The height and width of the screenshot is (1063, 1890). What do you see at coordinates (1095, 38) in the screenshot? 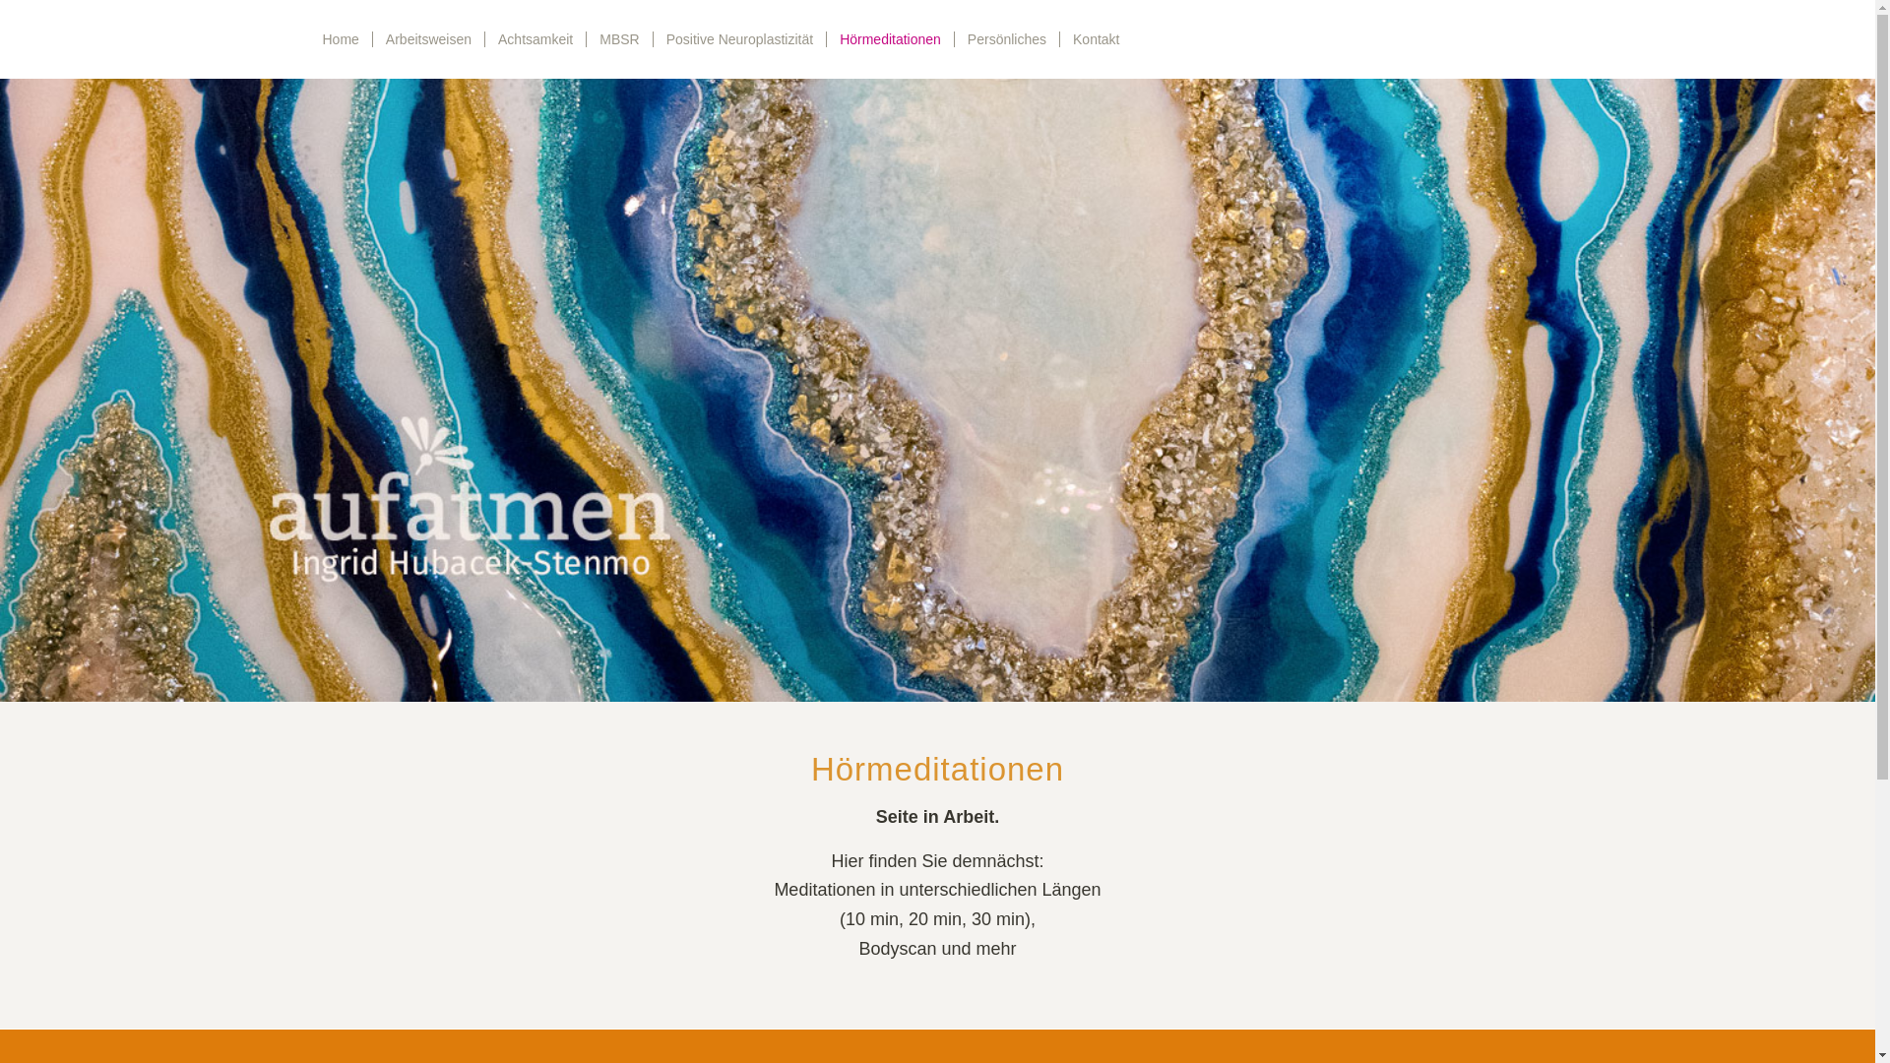
I see `'Kontakt'` at bounding box center [1095, 38].